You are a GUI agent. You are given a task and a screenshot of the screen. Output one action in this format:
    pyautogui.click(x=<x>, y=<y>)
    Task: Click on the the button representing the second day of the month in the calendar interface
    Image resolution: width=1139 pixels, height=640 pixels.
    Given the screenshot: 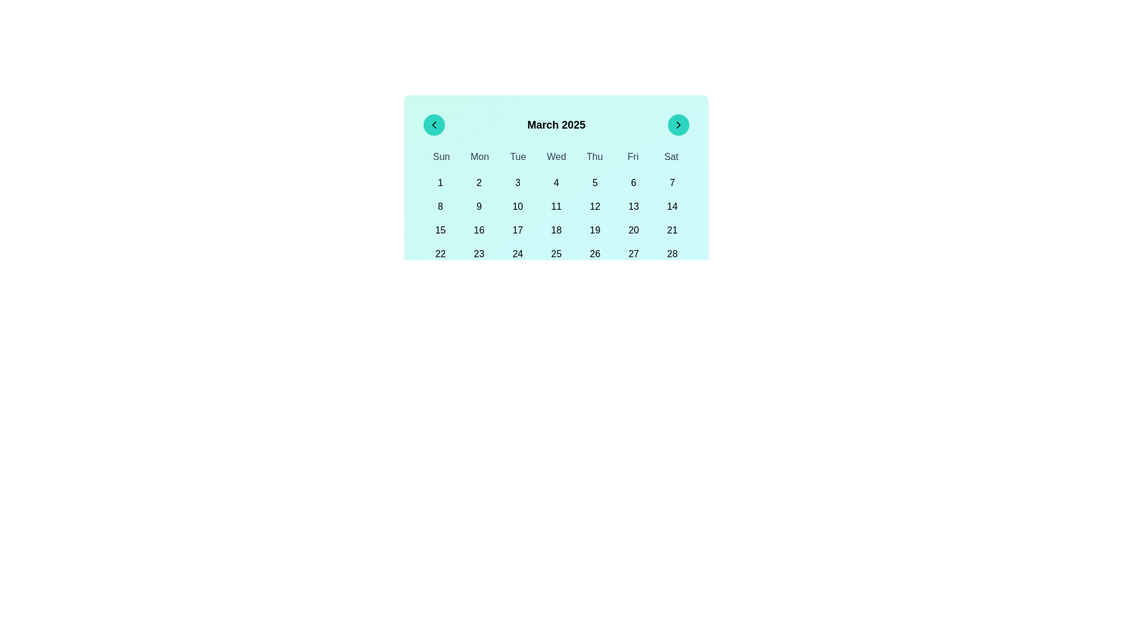 What is the action you would take?
    pyautogui.click(x=479, y=183)
    